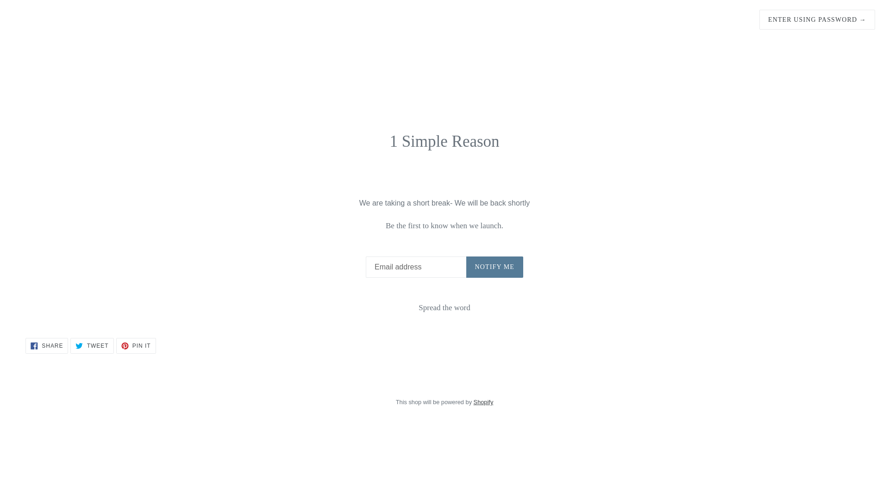 The height and width of the screenshot is (500, 889). Describe the element at coordinates (92, 346) in the screenshot. I see `'TWEET` at that location.